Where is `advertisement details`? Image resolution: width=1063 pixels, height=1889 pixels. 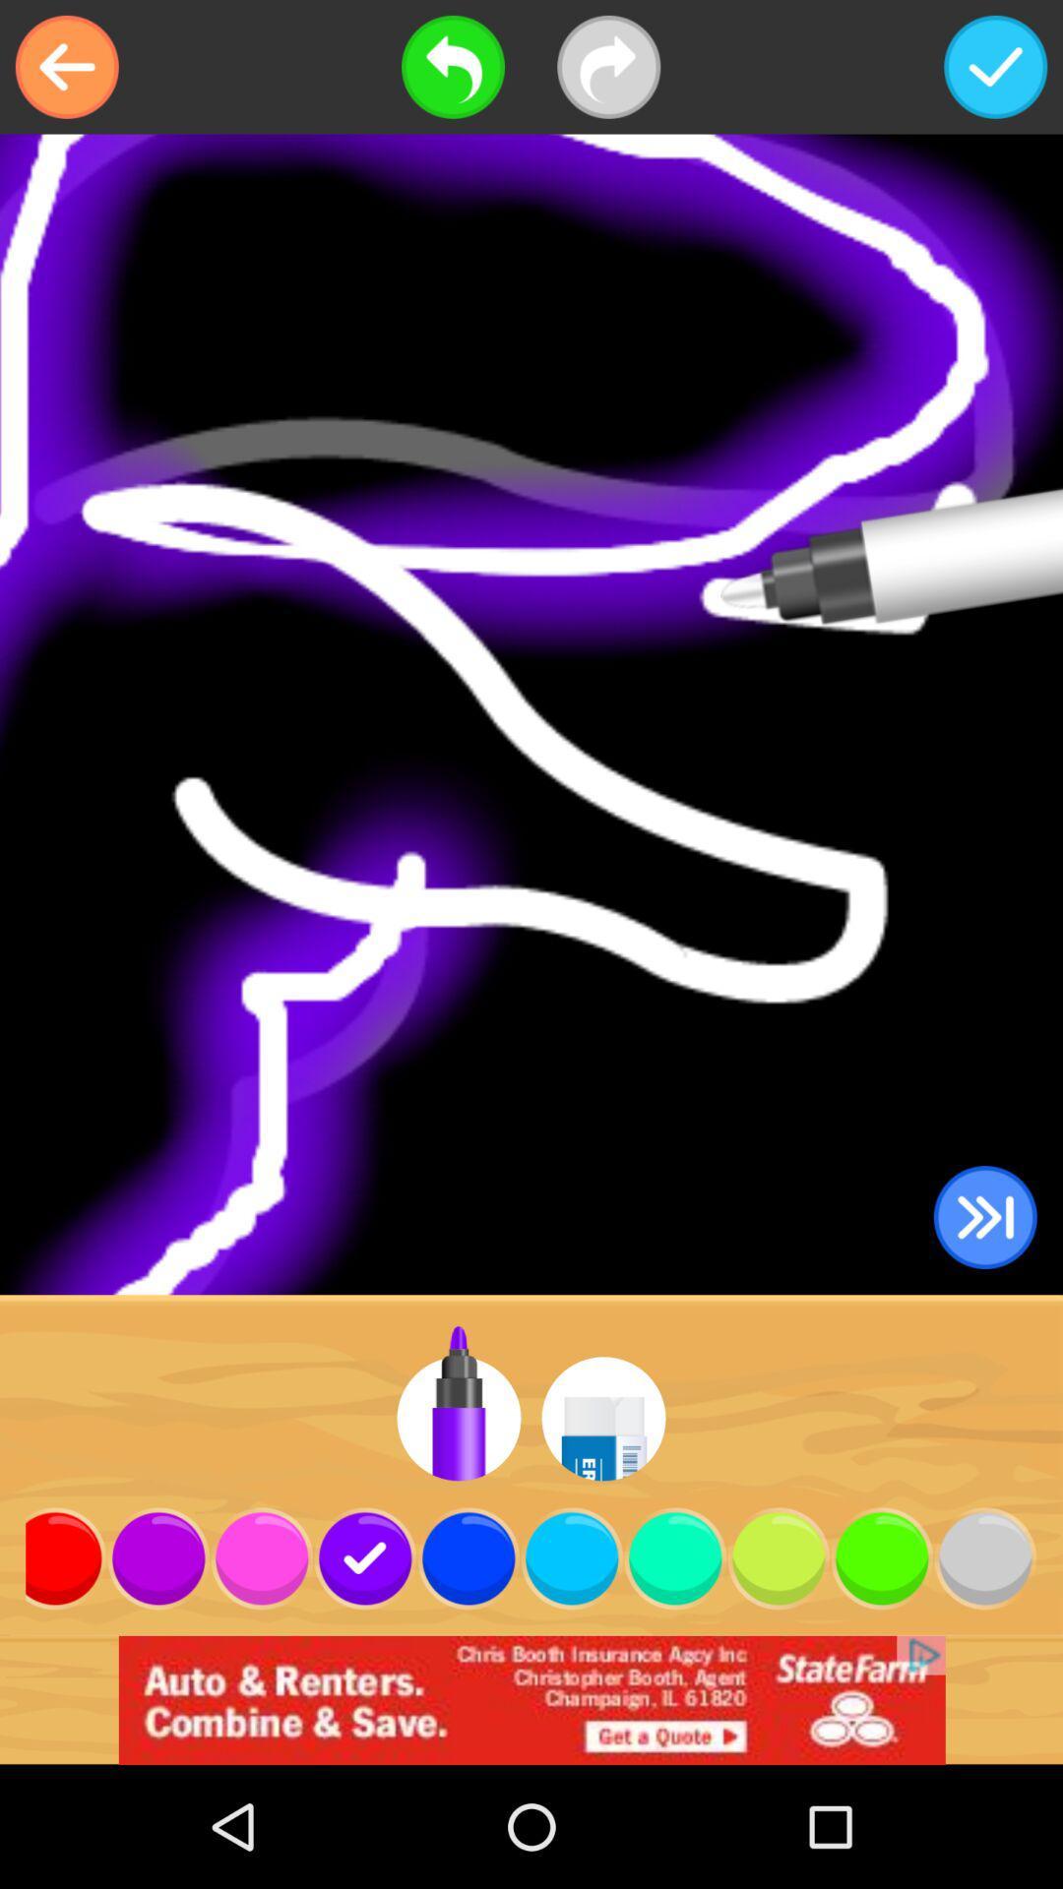
advertisement details is located at coordinates (531, 1699).